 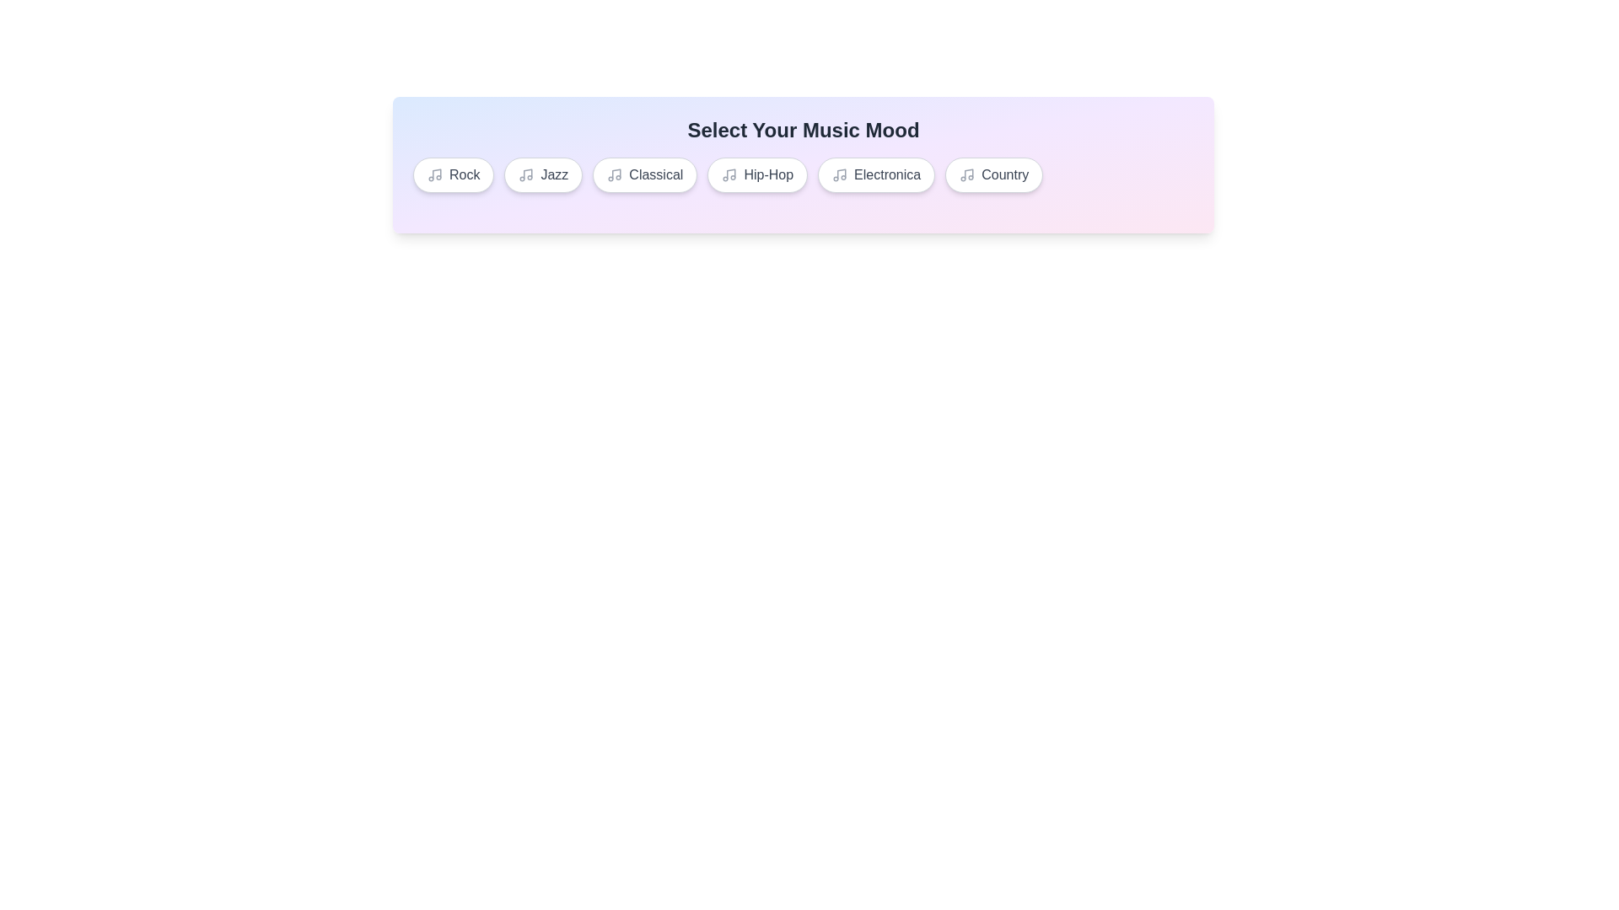 What do you see at coordinates (542, 175) in the screenshot?
I see `the music tag Jazz from the list` at bounding box center [542, 175].